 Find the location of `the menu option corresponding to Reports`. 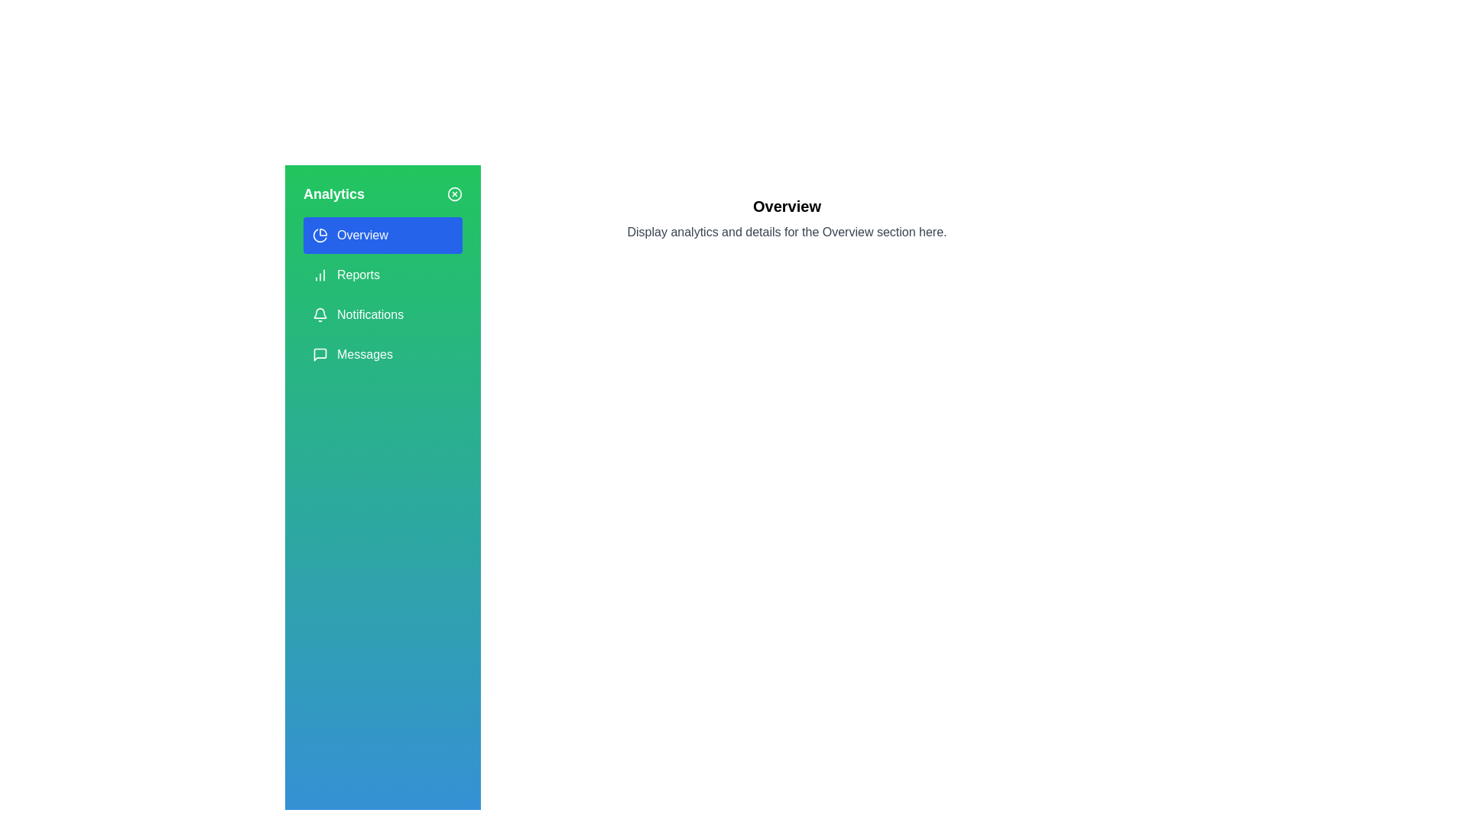

the menu option corresponding to Reports is located at coordinates (382, 274).